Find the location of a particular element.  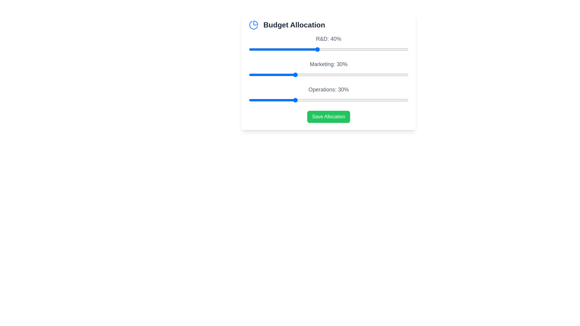

the 'Operations' slider to 62% is located at coordinates (367, 100).